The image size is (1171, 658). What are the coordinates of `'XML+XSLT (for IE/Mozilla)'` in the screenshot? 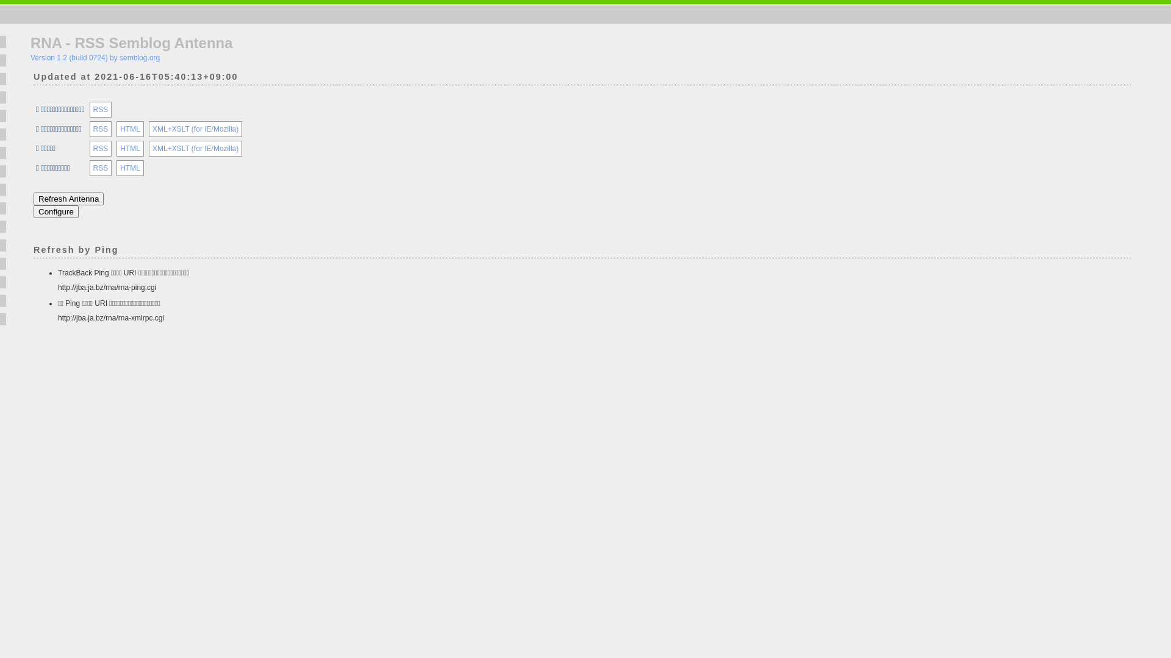 It's located at (195, 129).